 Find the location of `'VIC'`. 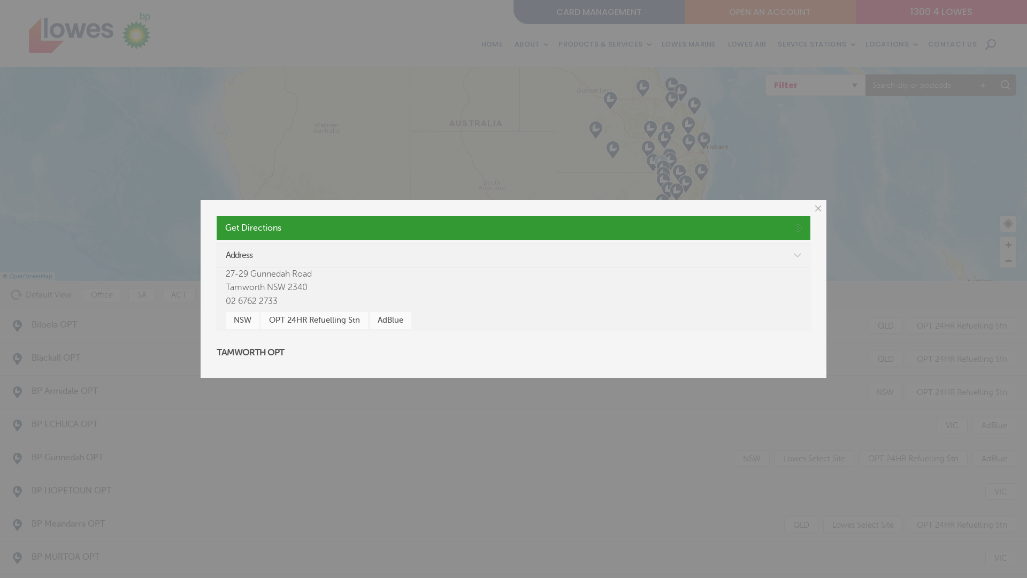

'VIC' is located at coordinates (952, 424).